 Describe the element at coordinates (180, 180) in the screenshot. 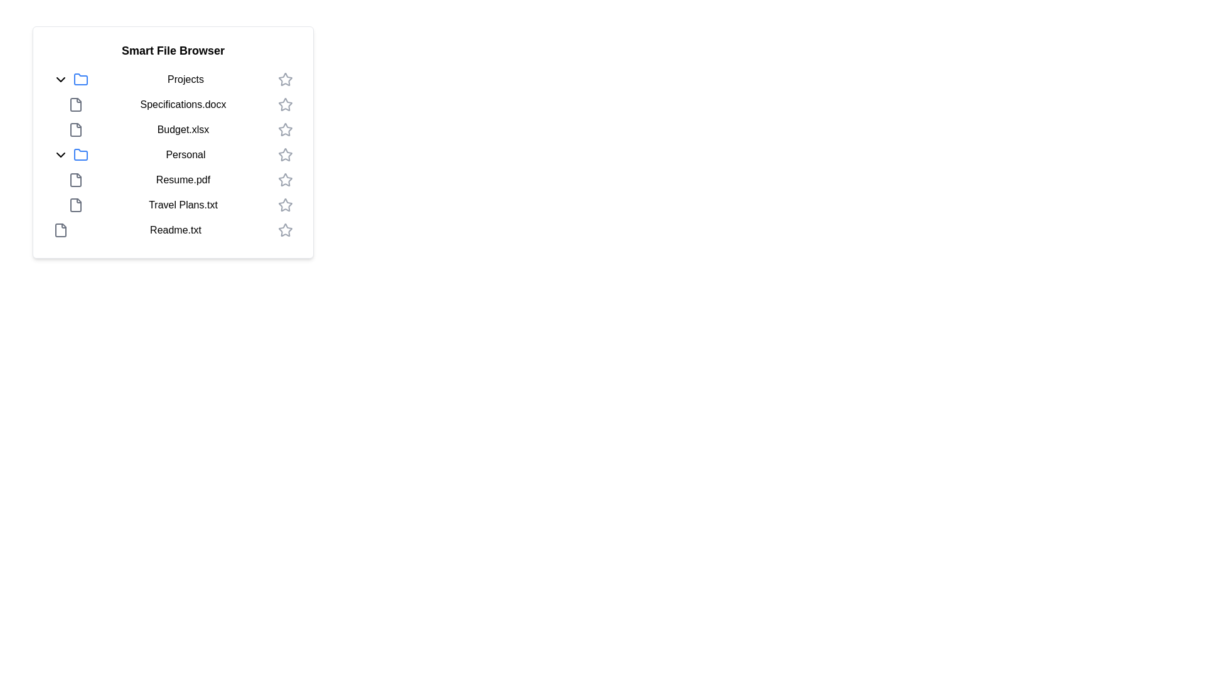

I see `to select the 'Resume.pdf' file entry, which is the first item under the 'Personal' folder in the file browser interface` at that location.